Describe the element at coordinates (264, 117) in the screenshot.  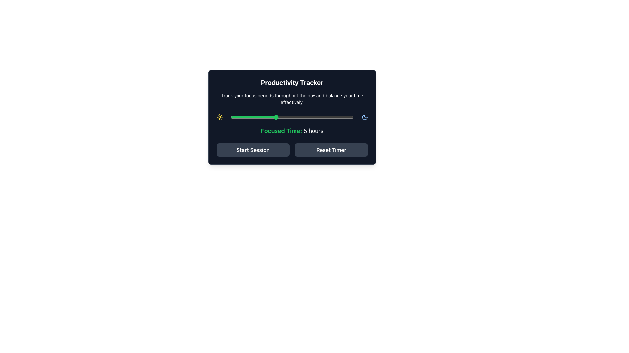
I see `the focus duration` at that location.